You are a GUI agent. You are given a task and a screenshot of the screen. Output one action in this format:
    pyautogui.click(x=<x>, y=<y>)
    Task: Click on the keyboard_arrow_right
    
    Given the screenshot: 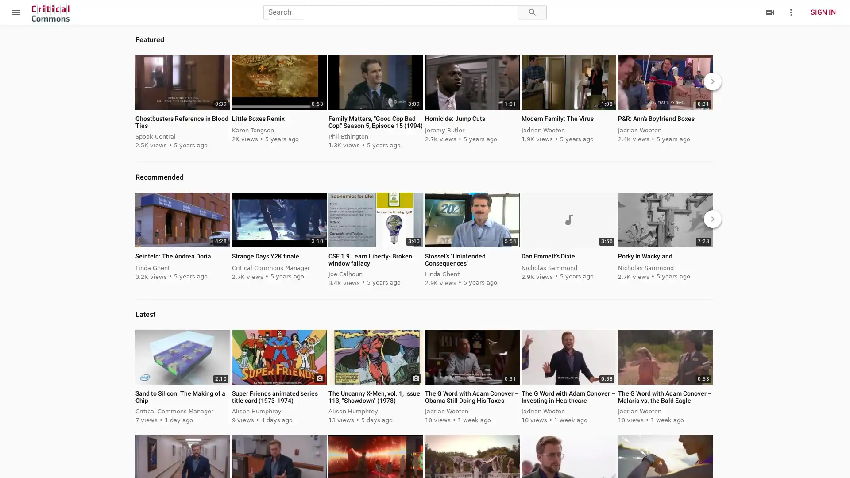 What is the action you would take?
    pyautogui.click(x=712, y=81)
    